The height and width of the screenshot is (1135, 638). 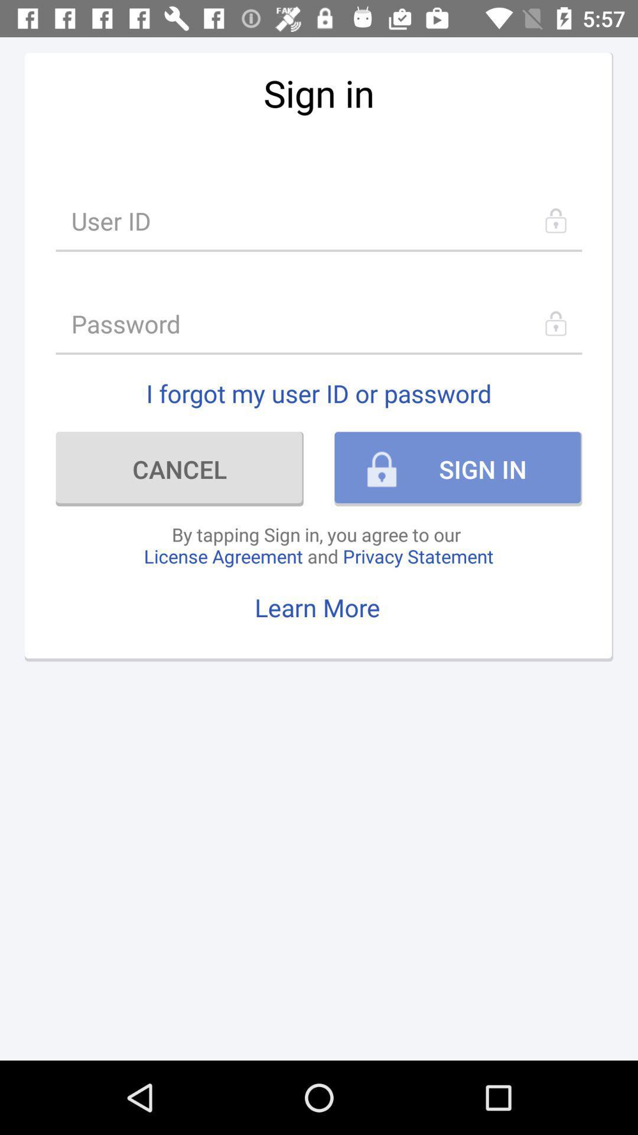 I want to click on item below the cancel, so click(x=318, y=544).